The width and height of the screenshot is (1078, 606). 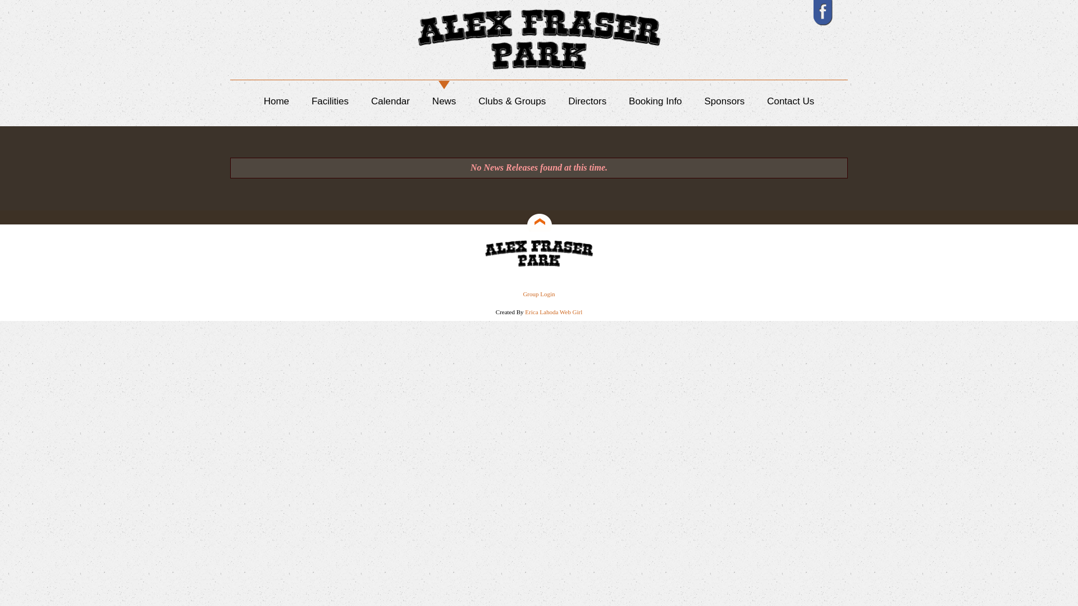 What do you see at coordinates (330, 101) in the screenshot?
I see `'Facilities'` at bounding box center [330, 101].